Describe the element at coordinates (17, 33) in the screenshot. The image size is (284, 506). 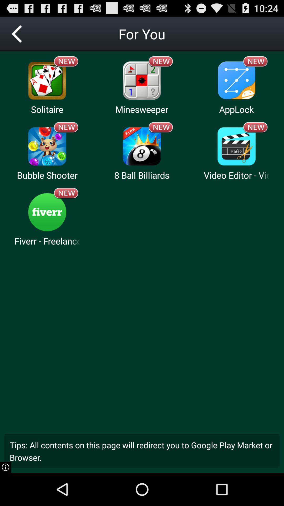
I see `go back` at that location.